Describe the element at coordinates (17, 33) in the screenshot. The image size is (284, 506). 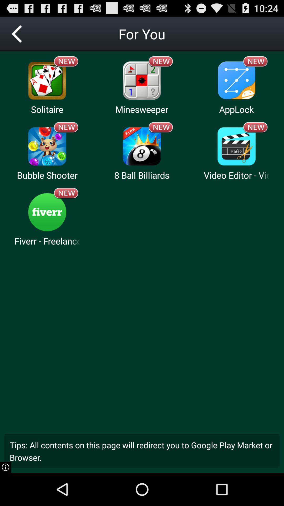
I see `go back` at that location.